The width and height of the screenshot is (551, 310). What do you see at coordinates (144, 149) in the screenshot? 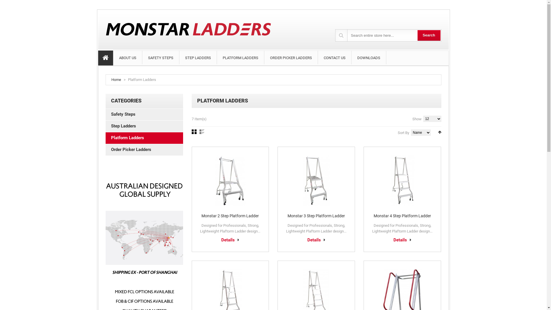
I see `'Order Picker Ladders'` at bounding box center [144, 149].